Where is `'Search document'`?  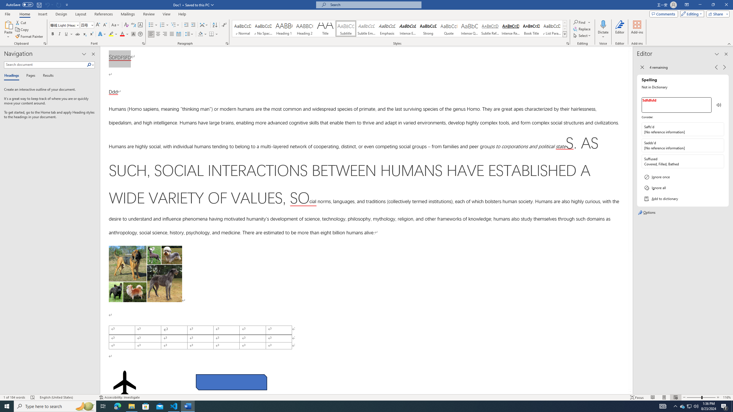 'Search document' is located at coordinates (45, 64).